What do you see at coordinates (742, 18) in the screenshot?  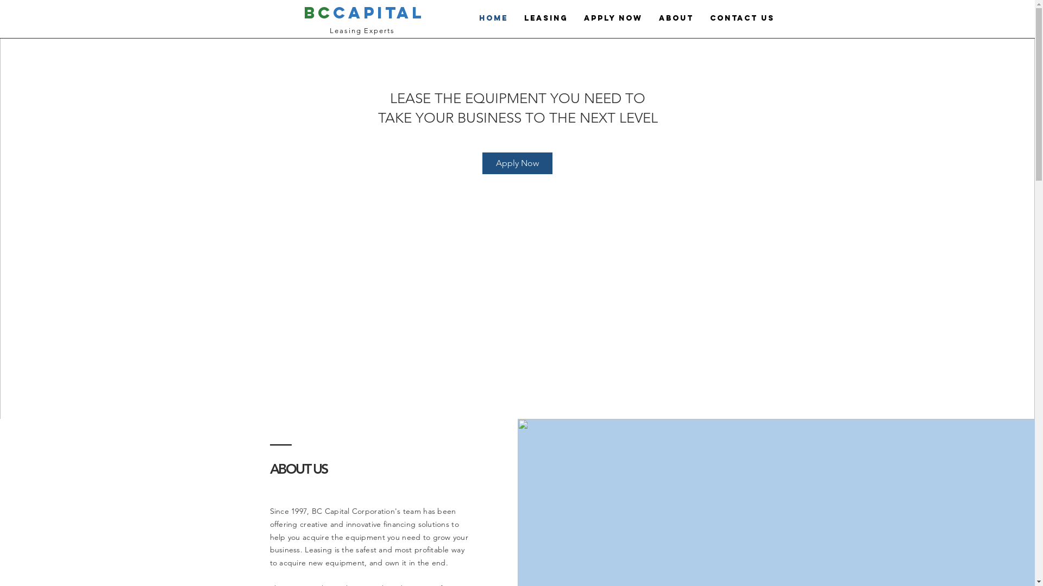 I see `'Contact Us'` at bounding box center [742, 18].